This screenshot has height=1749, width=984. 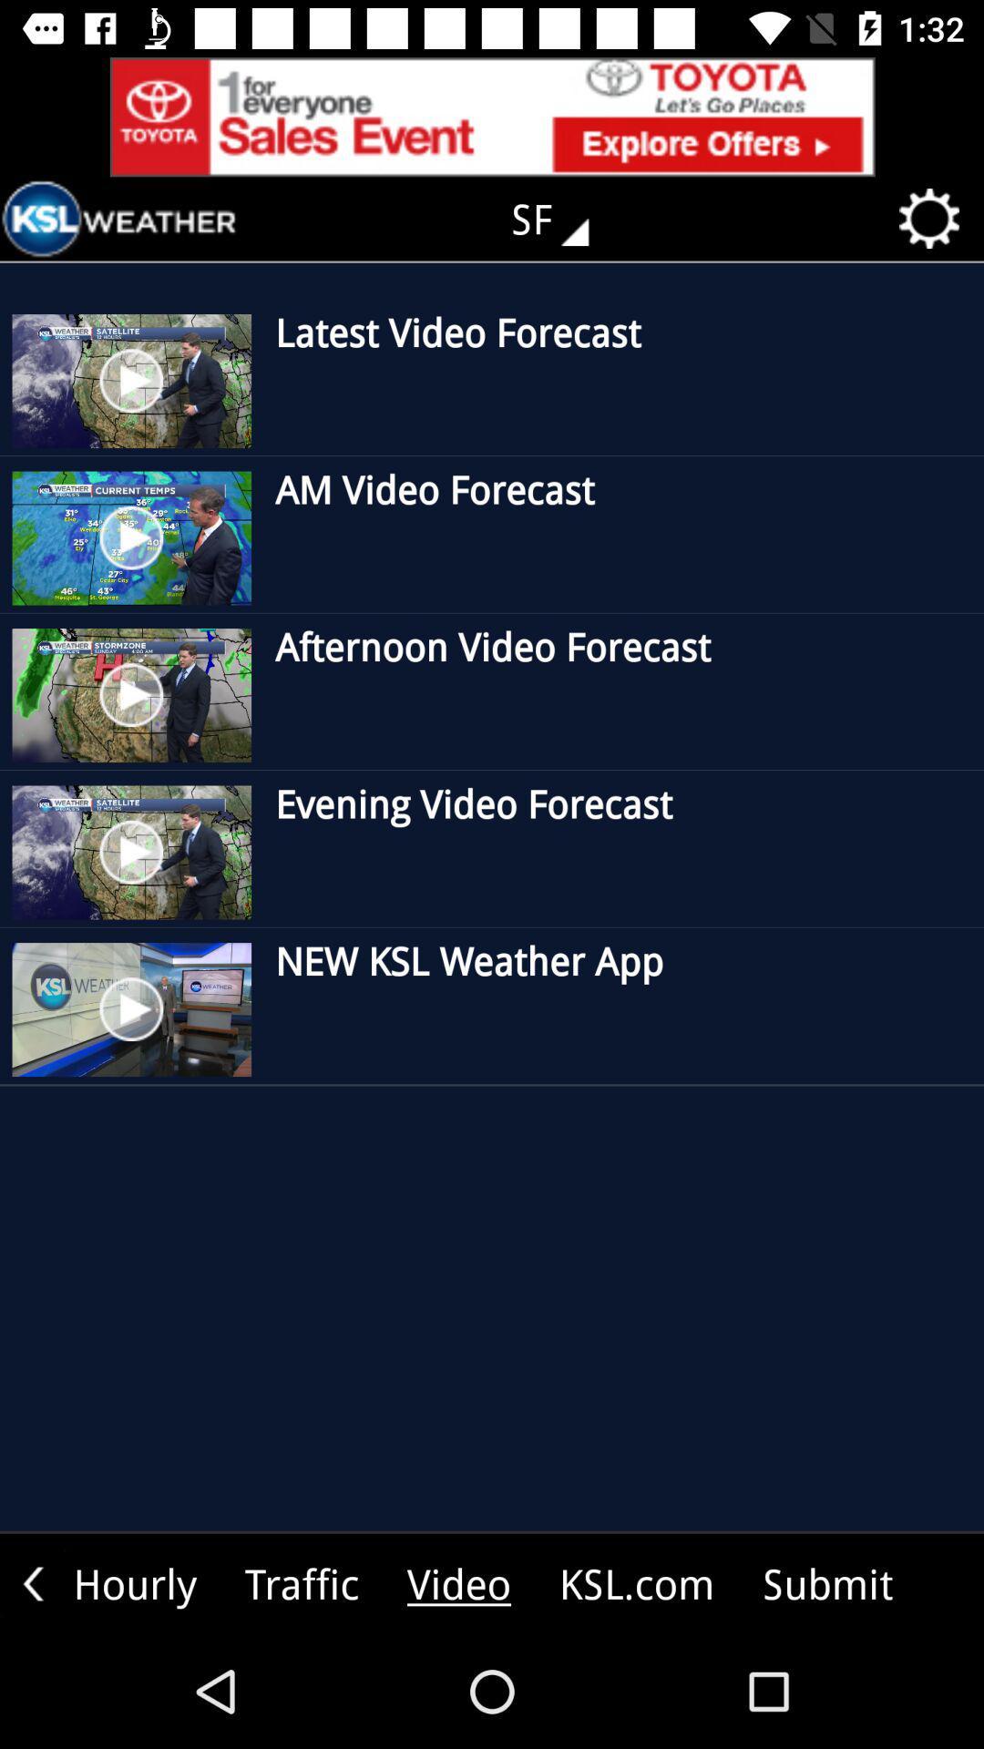 What do you see at coordinates (935, 219) in the screenshot?
I see `the settings button which is right side corner of the first line` at bounding box center [935, 219].